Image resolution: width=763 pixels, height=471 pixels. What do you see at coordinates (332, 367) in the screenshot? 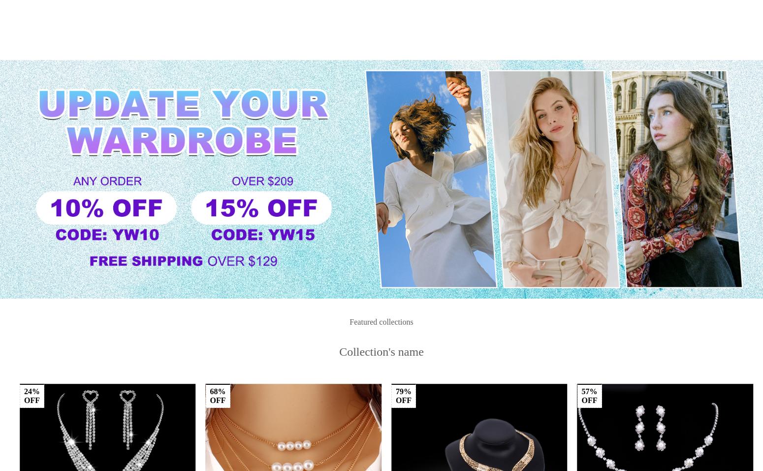
I see `'Ericdress Sequins Sleeveless V-Neck Floor-Length Cocktail Dress 2020'` at bounding box center [332, 367].